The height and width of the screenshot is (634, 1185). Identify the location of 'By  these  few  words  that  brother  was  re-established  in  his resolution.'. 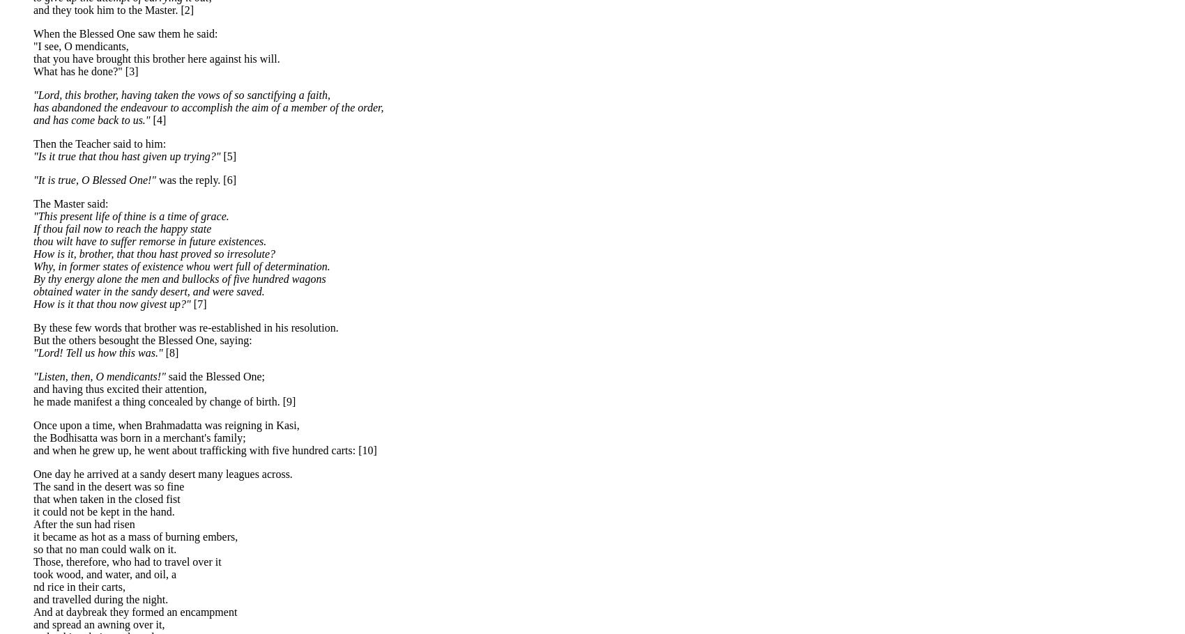
(185, 326).